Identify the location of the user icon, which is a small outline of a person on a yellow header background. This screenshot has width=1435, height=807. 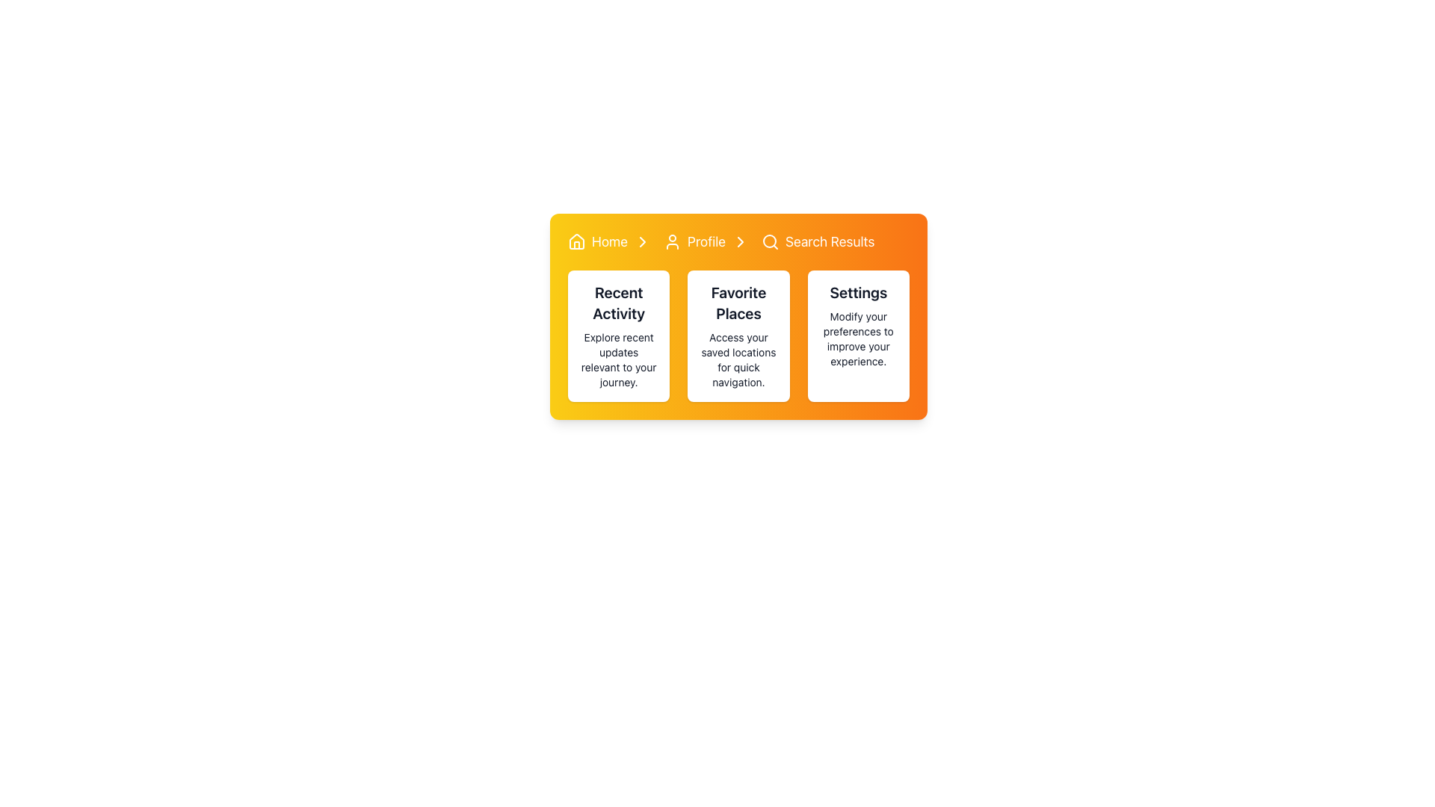
(672, 241).